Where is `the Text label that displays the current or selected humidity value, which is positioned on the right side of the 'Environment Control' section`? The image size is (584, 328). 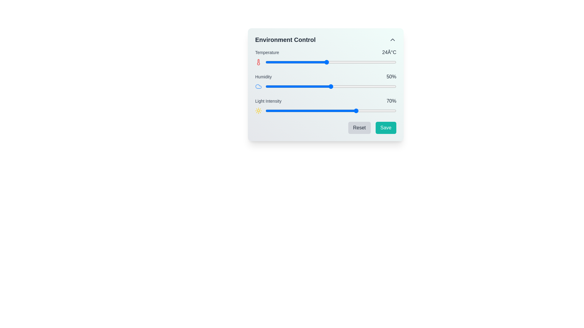
the Text label that displays the current or selected humidity value, which is positioned on the right side of the 'Environment Control' section is located at coordinates (391, 77).